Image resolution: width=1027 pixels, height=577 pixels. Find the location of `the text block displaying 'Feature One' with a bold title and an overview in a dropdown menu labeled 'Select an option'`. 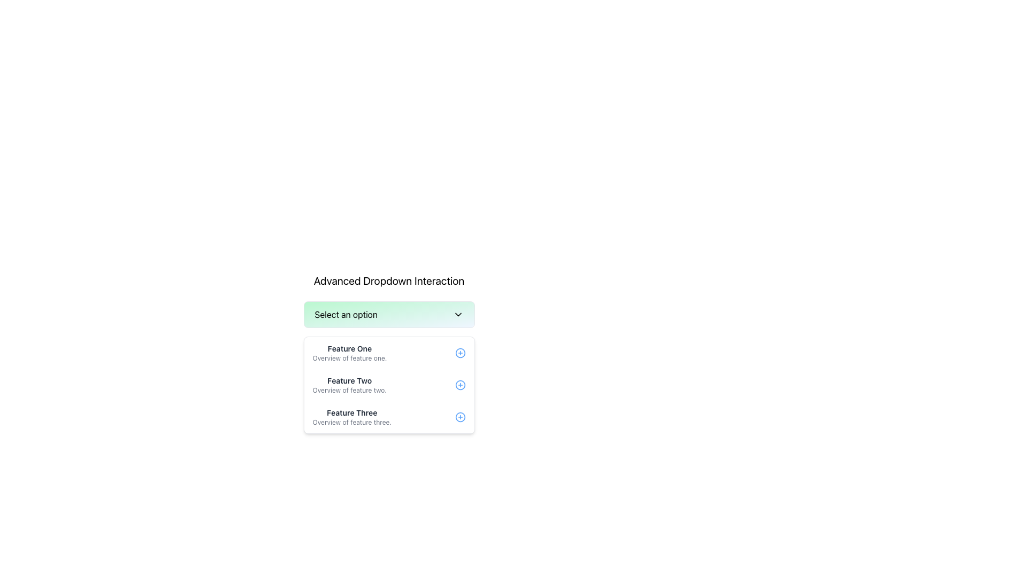

the text block displaying 'Feature One' with a bold title and an overview in a dropdown menu labeled 'Select an option' is located at coordinates (349, 353).